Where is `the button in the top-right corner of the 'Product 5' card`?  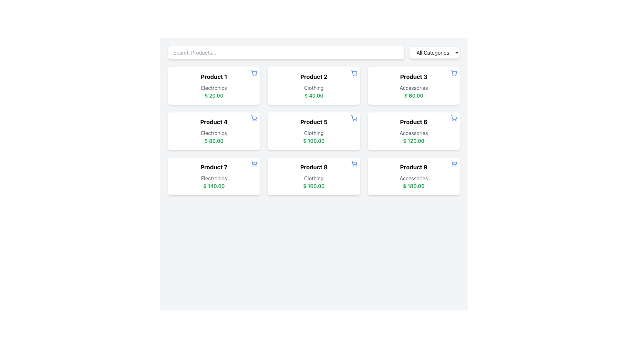 the button in the top-right corner of the 'Product 5' card is located at coordinates (354, 118).